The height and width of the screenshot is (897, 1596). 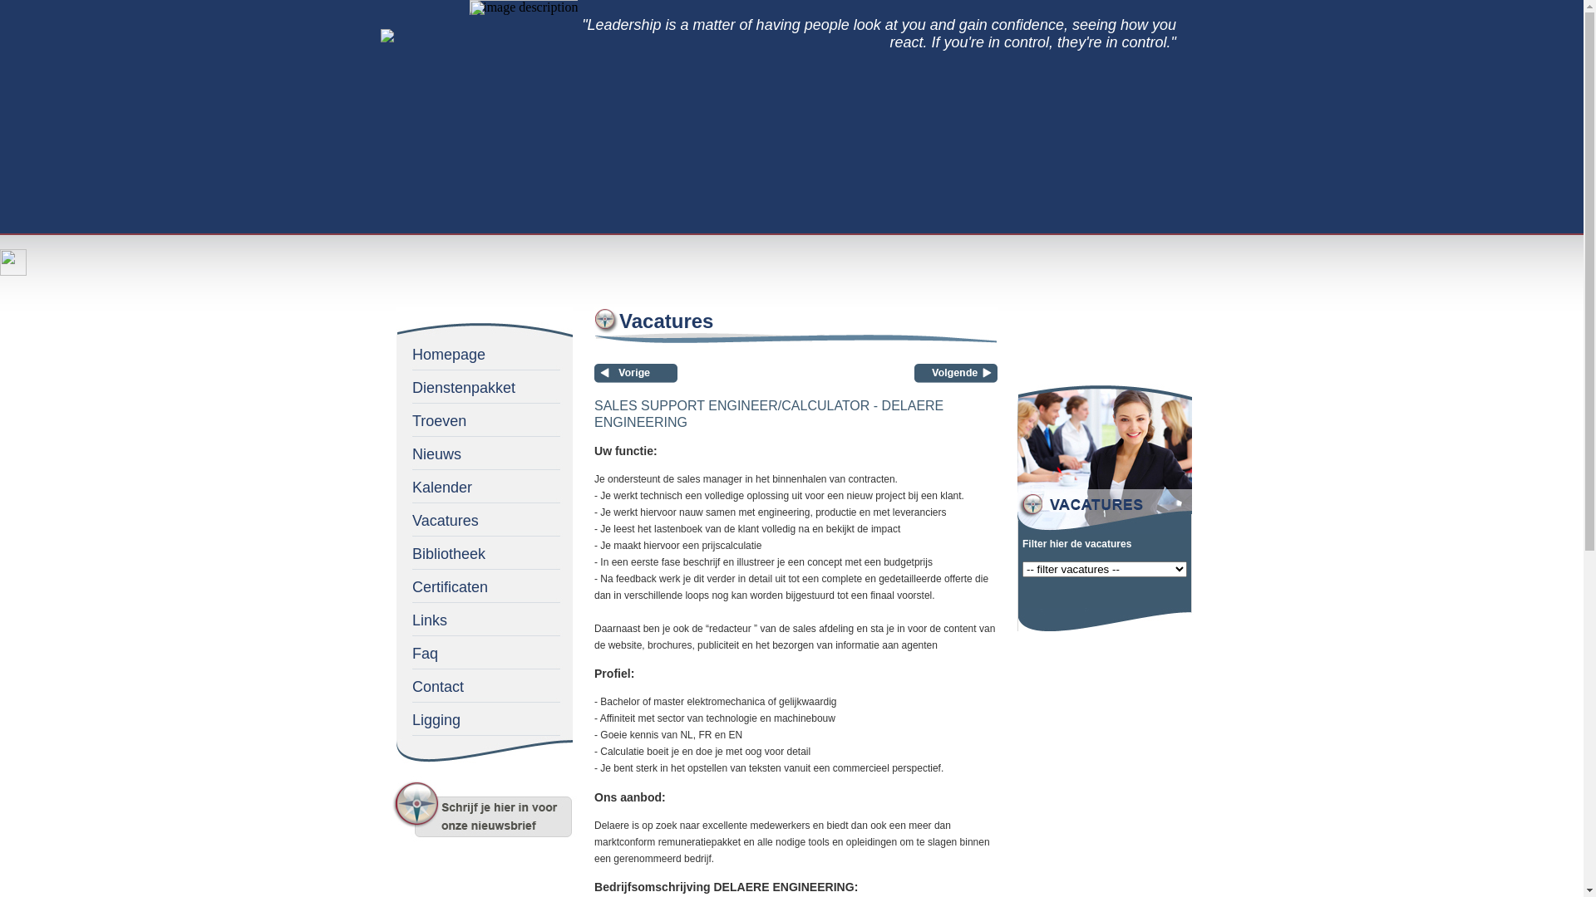 What do you see at coordinates (483, 450) in the screenshot?
I see `'Nieuws'` at bounding box center [483, 450].